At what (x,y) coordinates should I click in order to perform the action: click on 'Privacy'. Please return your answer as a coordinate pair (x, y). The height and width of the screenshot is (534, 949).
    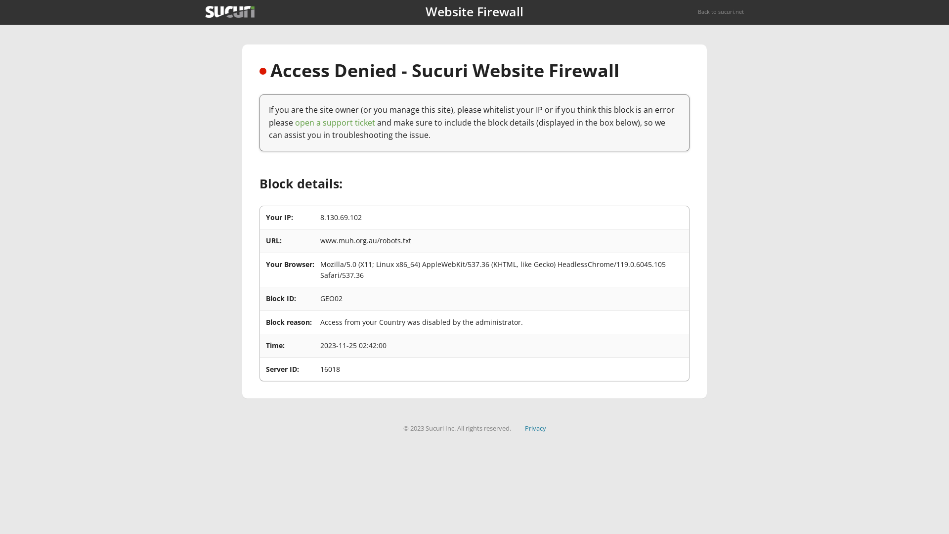
    Looking at the image, I should click on (535, 428).